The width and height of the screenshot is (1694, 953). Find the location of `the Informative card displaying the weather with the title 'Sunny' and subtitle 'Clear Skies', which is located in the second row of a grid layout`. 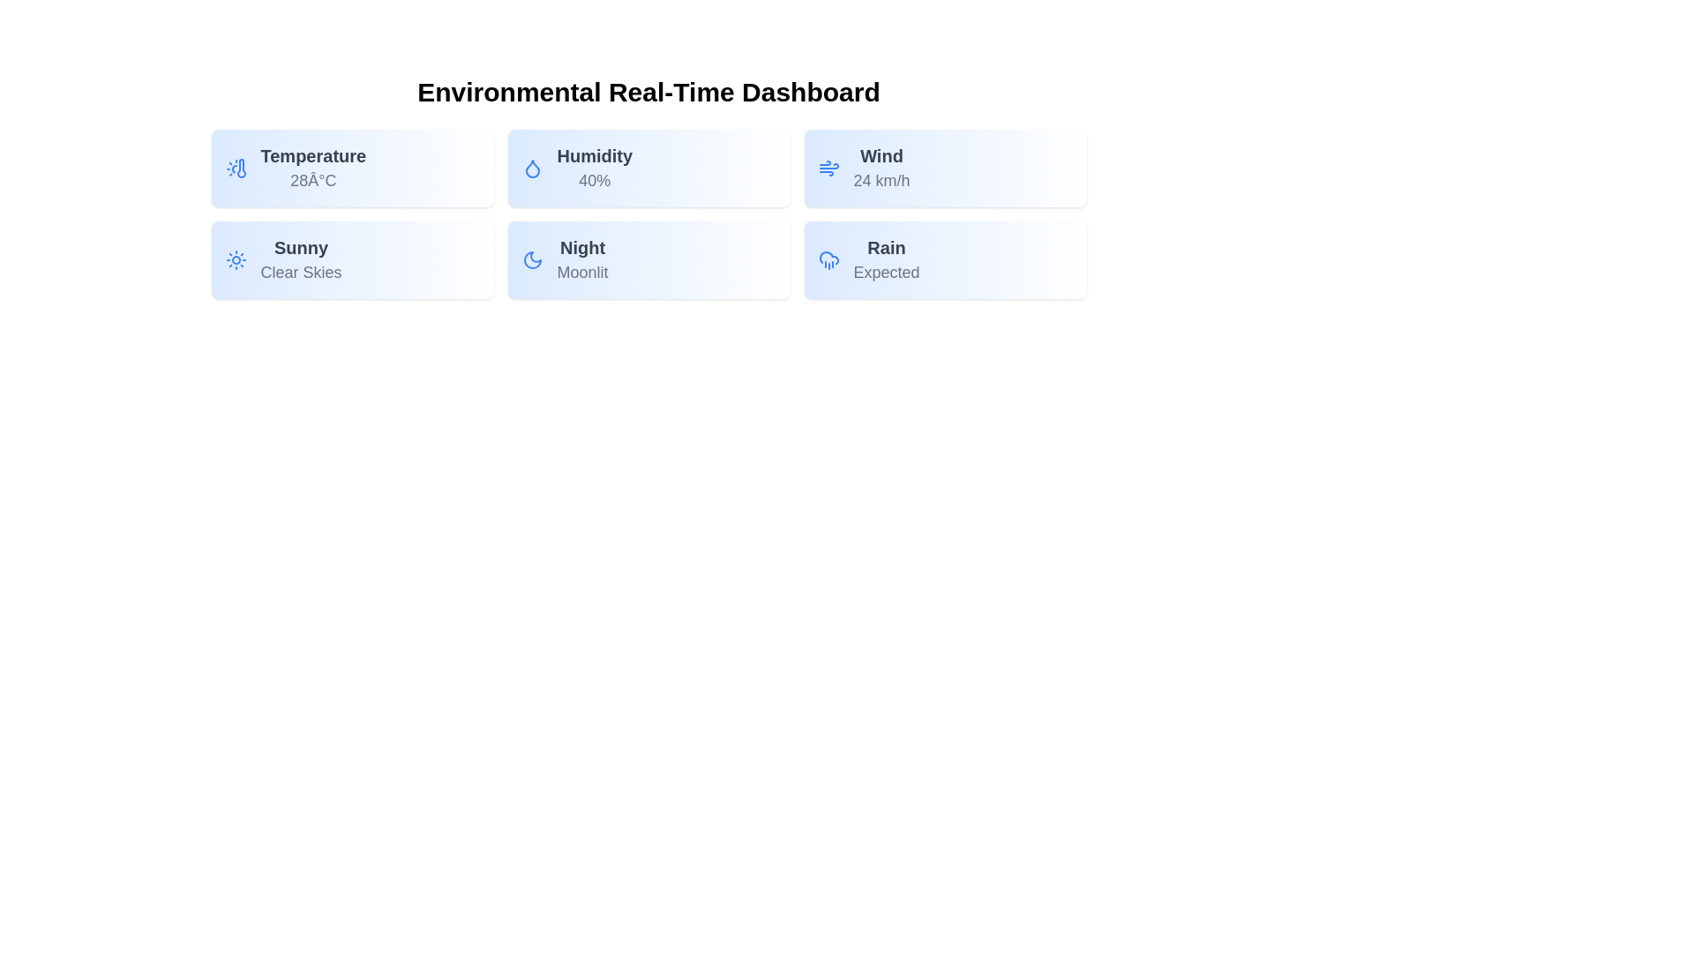

the Informative card displaying the weather with the title 'Sunny' and subtitle 'Clear Skies', which is located in the second row of a grid layout is located at coordinates (352, 259).